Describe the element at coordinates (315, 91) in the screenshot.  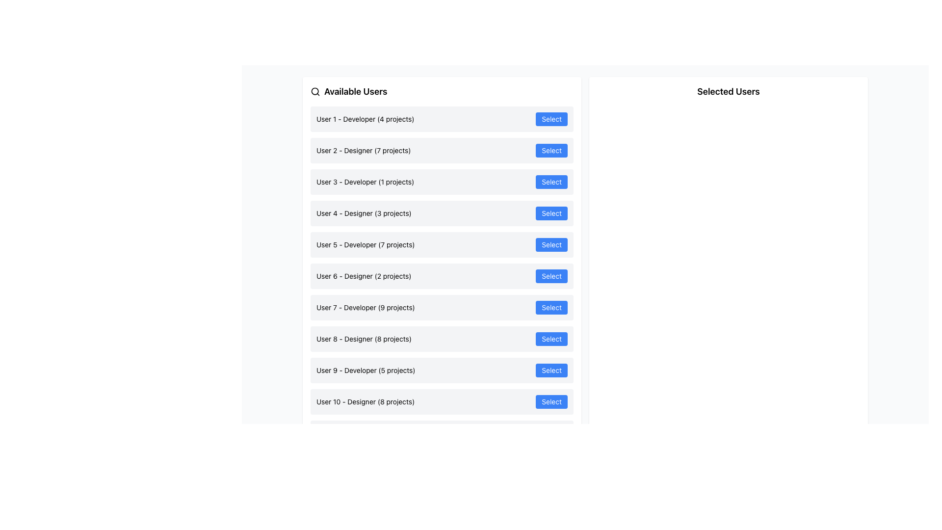
I see `the search icon located at the left side of the 'Available Users' header section, which is visually associated with the title text` at that location.